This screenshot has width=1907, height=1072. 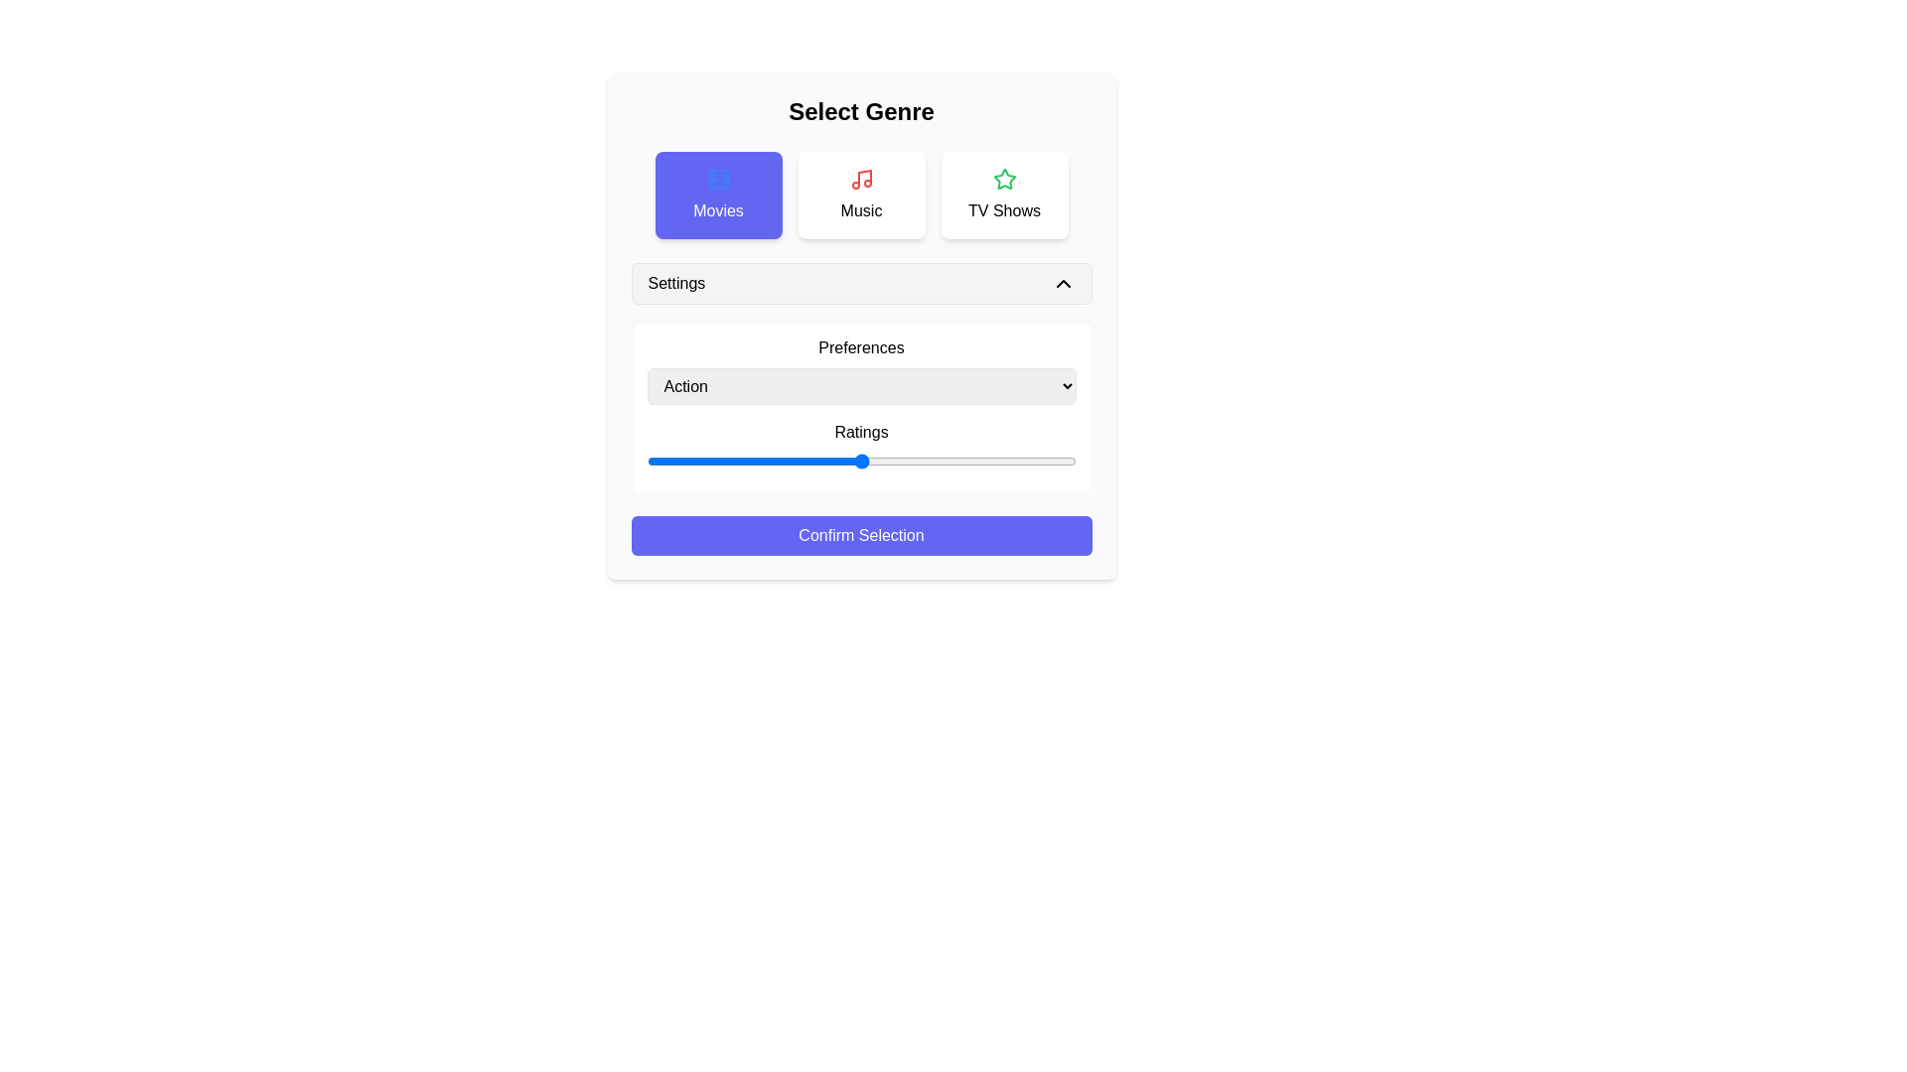 I want to click on the rating, so click(x=877, y=462).